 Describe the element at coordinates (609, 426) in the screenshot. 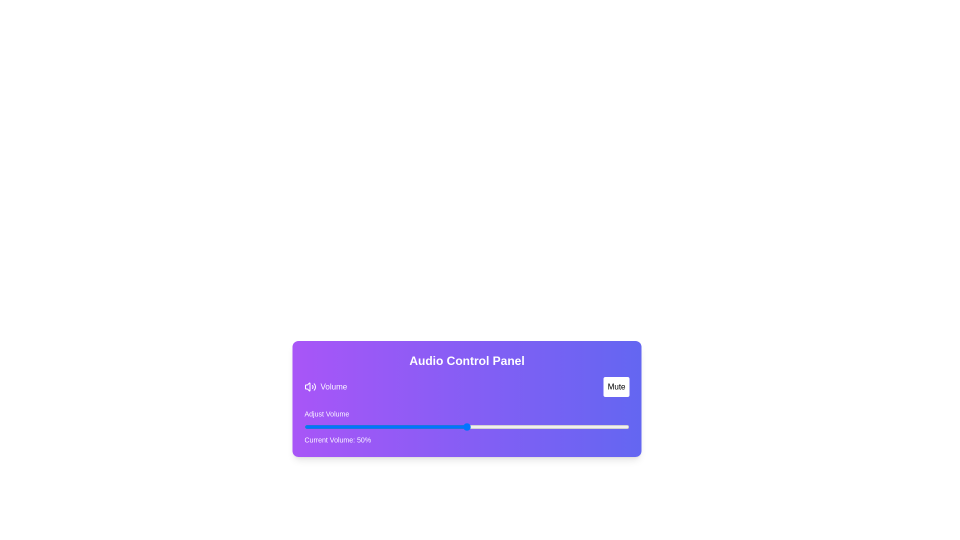

I see `the volume slider` at that location.